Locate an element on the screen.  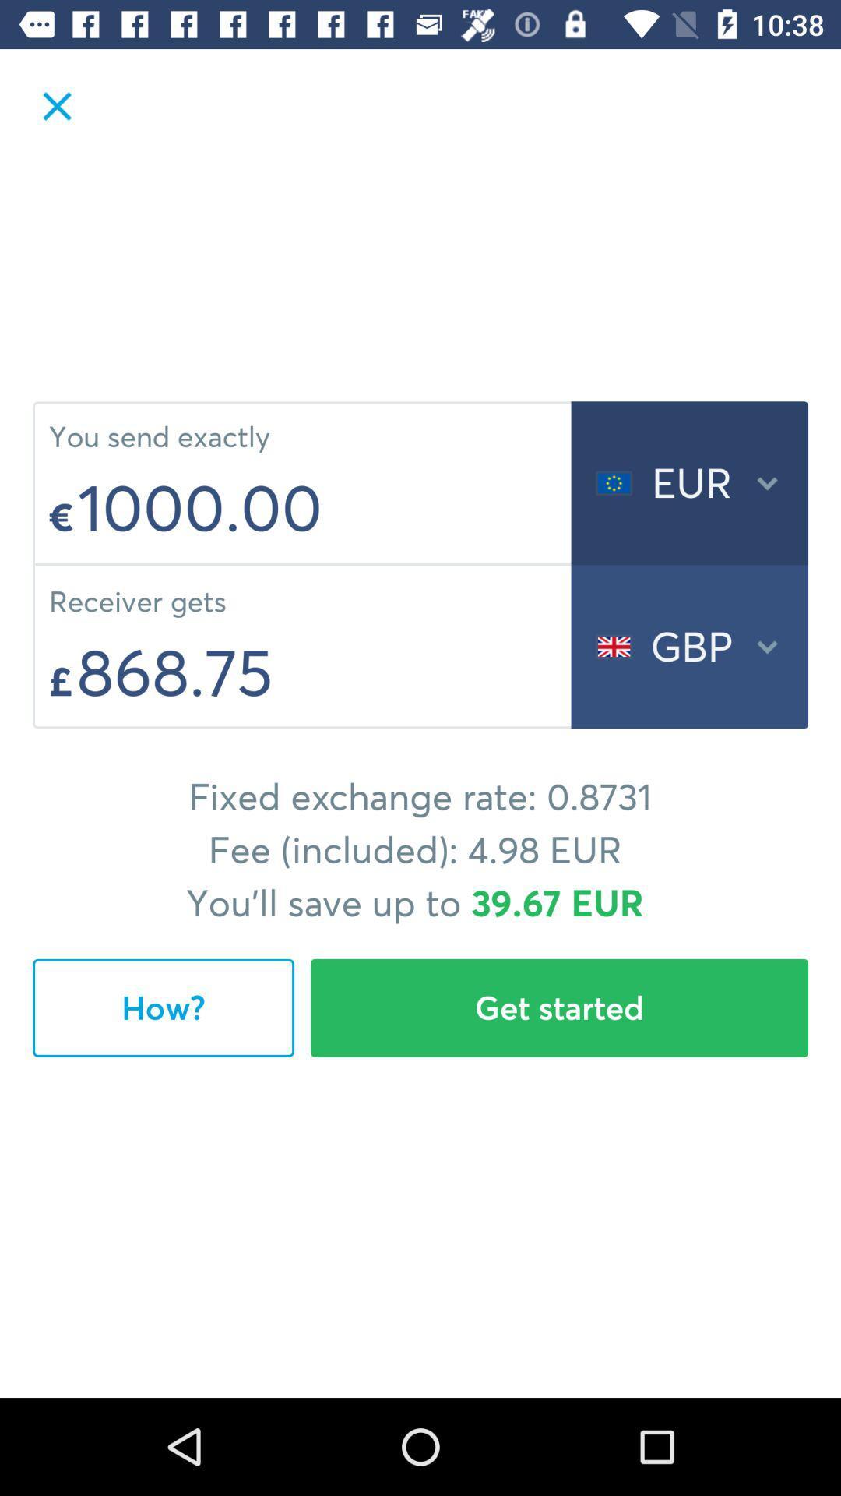
item next to how? is located at coordinates (558, 1007).